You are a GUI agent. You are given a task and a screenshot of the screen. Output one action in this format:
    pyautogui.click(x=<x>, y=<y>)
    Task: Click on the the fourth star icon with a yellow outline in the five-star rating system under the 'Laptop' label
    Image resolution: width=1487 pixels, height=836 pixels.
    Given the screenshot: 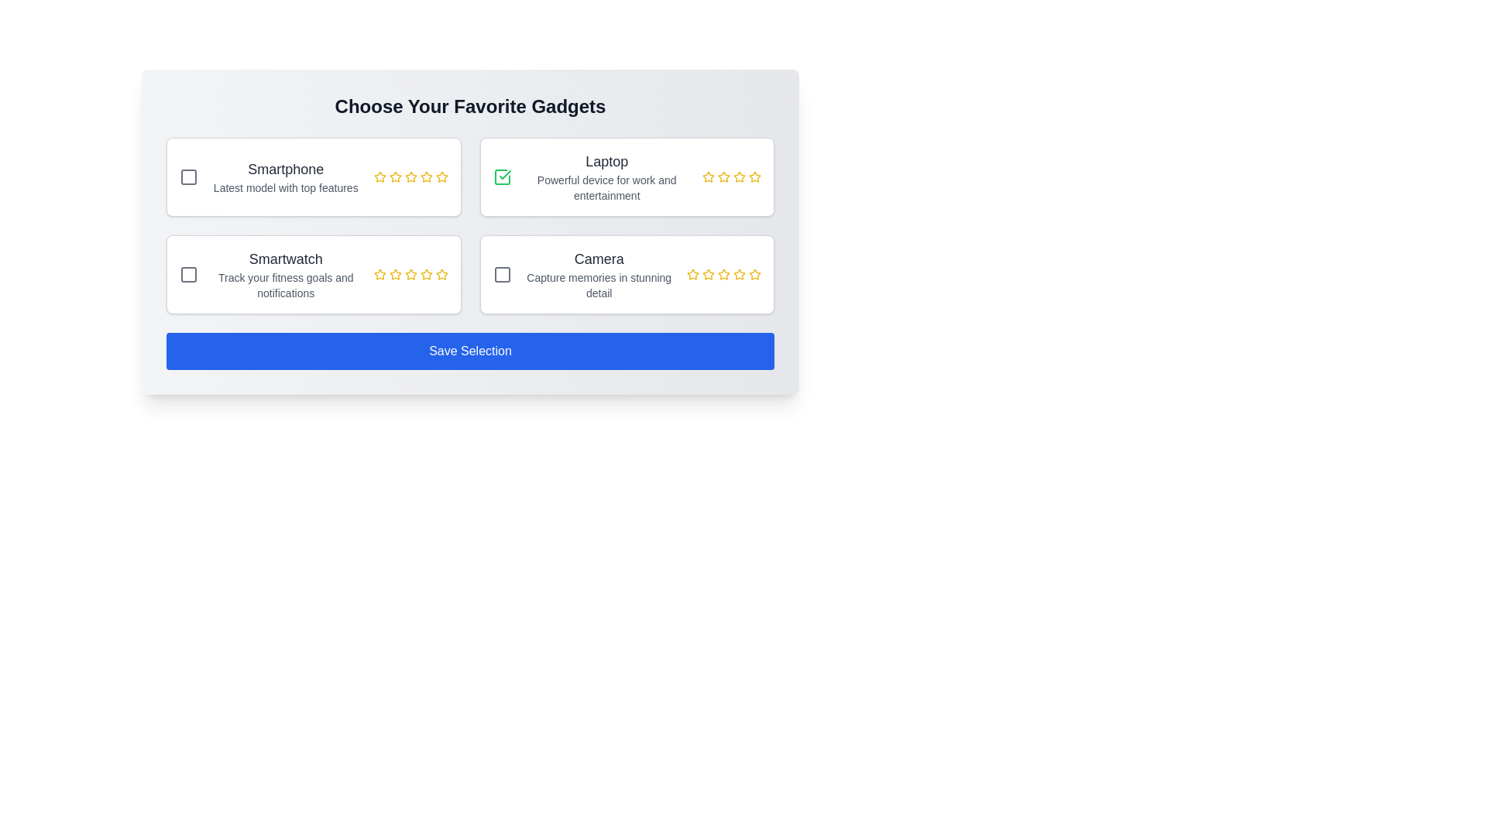 What is the action you would take?
    pyautogui.click(x=754, y=176)
    